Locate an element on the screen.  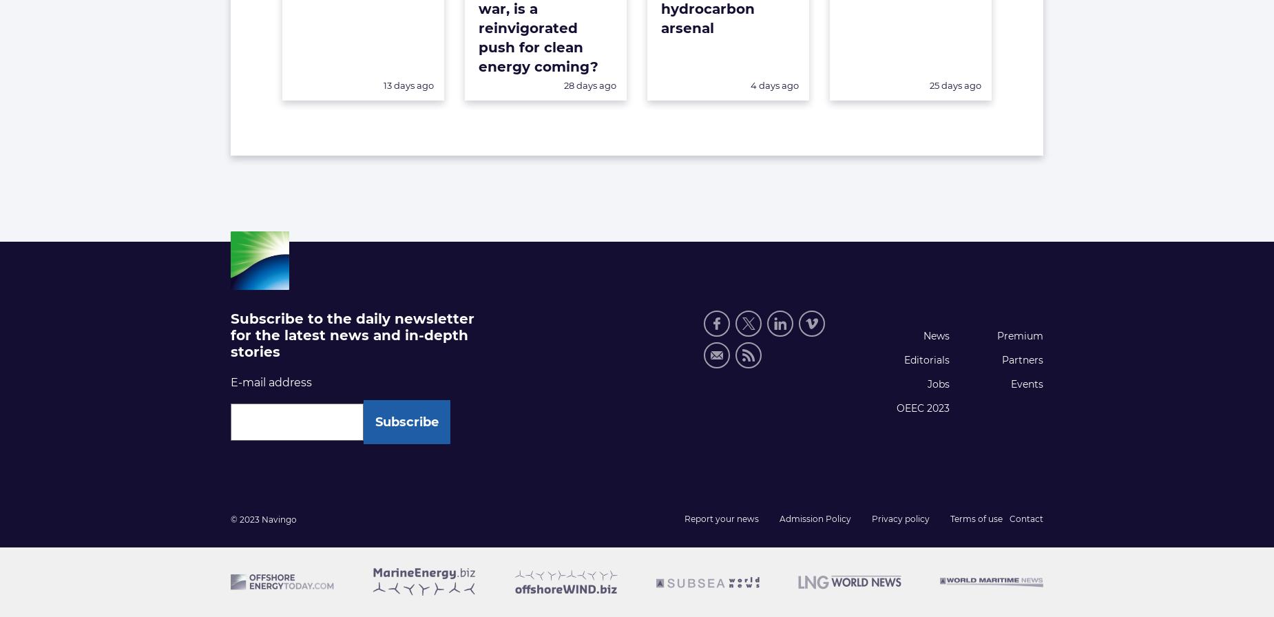
'News' is located at coordinates (935, 335).